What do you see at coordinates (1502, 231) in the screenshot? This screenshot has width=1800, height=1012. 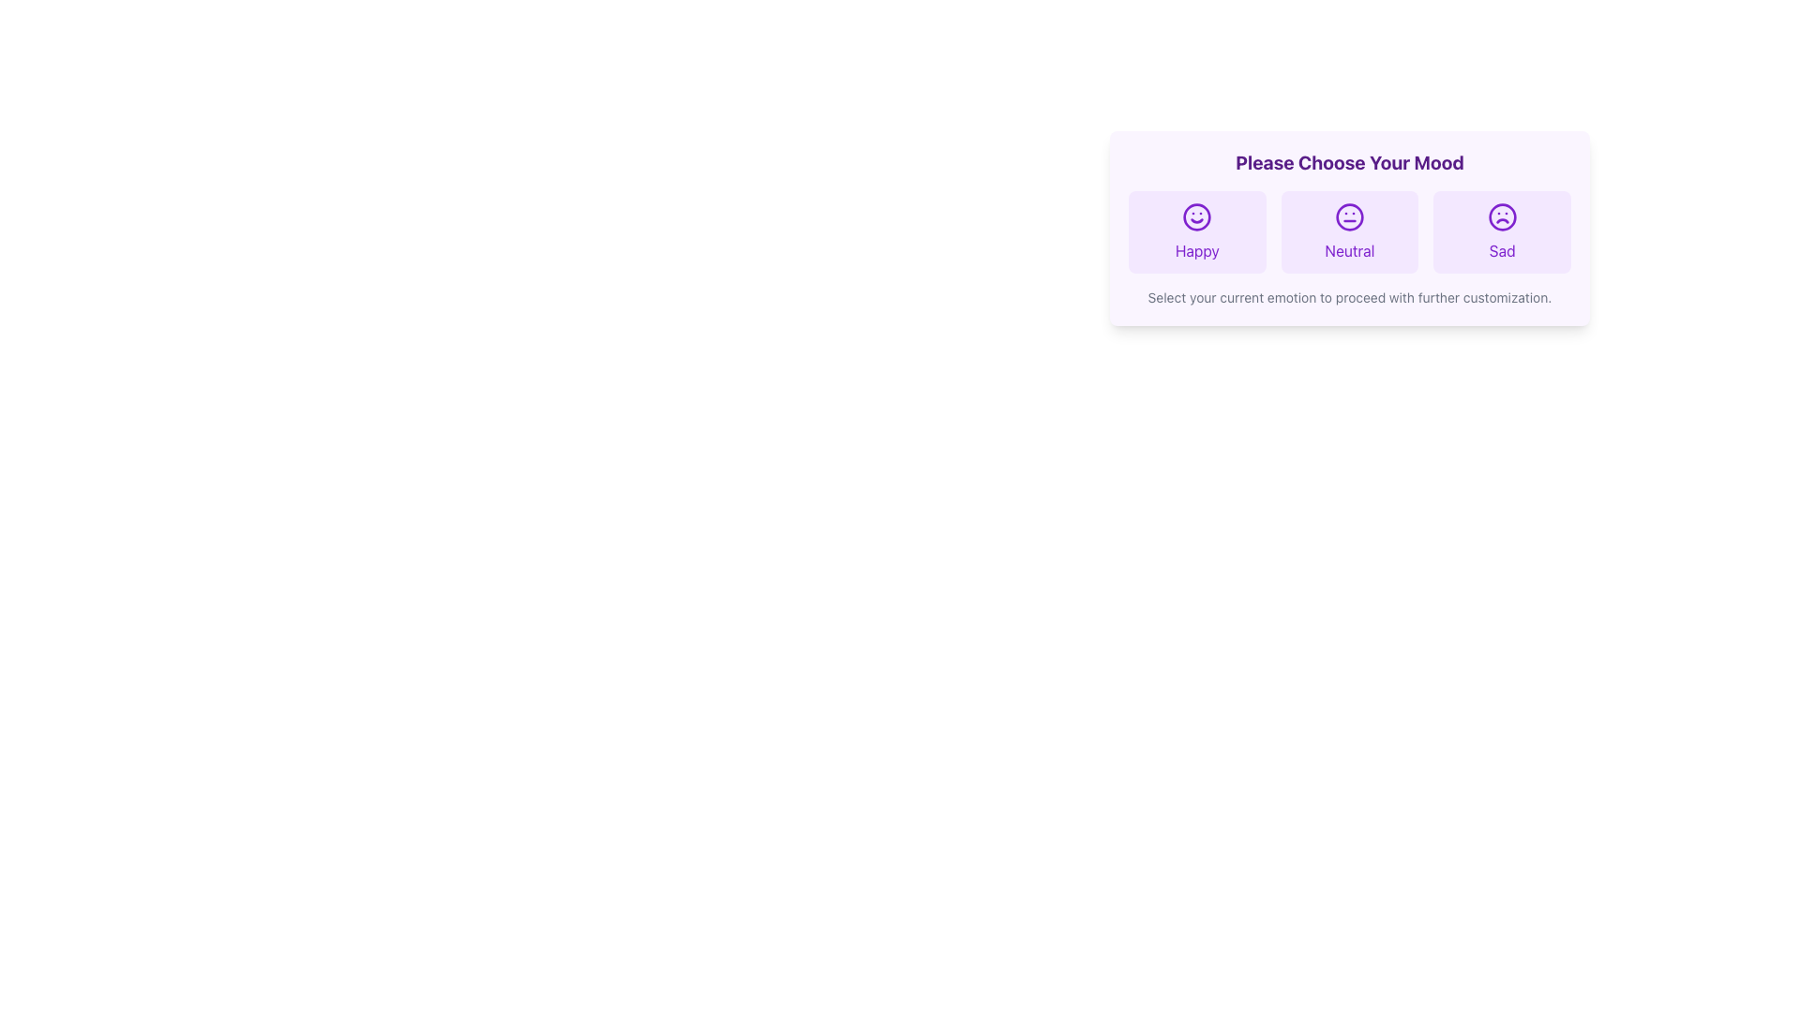 I see `the rightmost mood selection button with a light purple background and a sad face icon labeled 'Sad'` at bounding box center [1502, 231].